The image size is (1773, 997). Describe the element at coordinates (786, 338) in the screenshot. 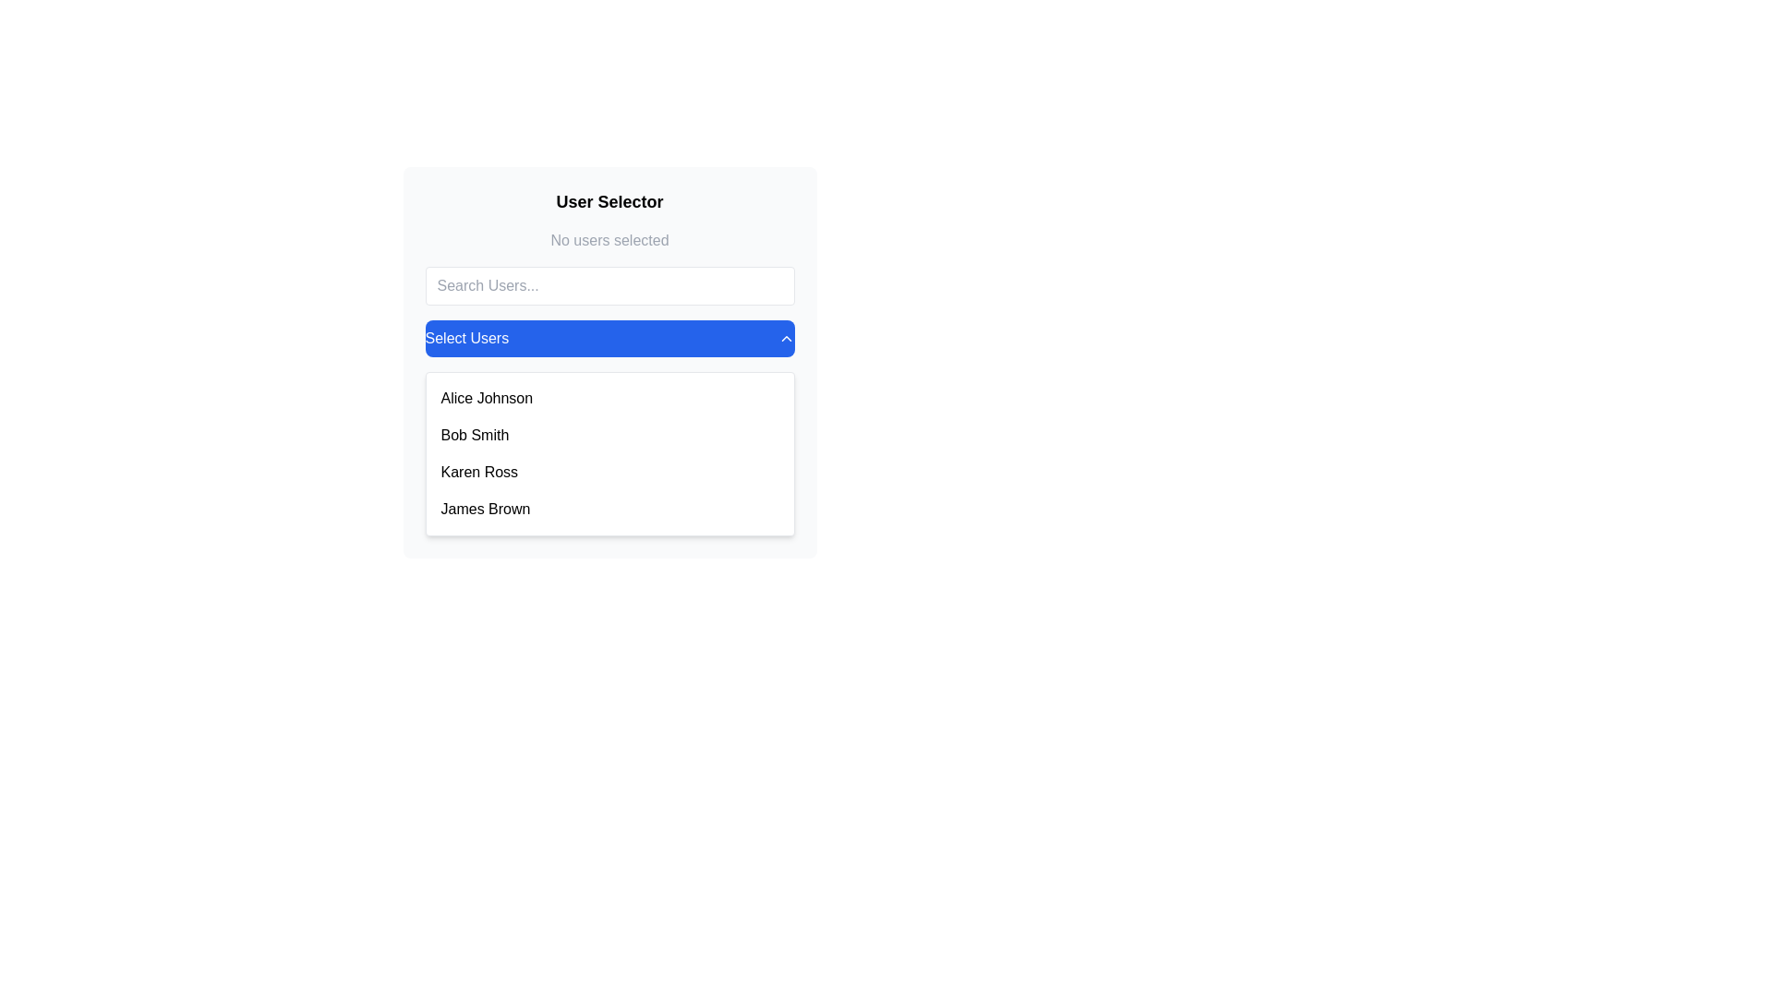

I see `the chevron icon on the far right side of the blue button labeled 'Select Users'` at that location.